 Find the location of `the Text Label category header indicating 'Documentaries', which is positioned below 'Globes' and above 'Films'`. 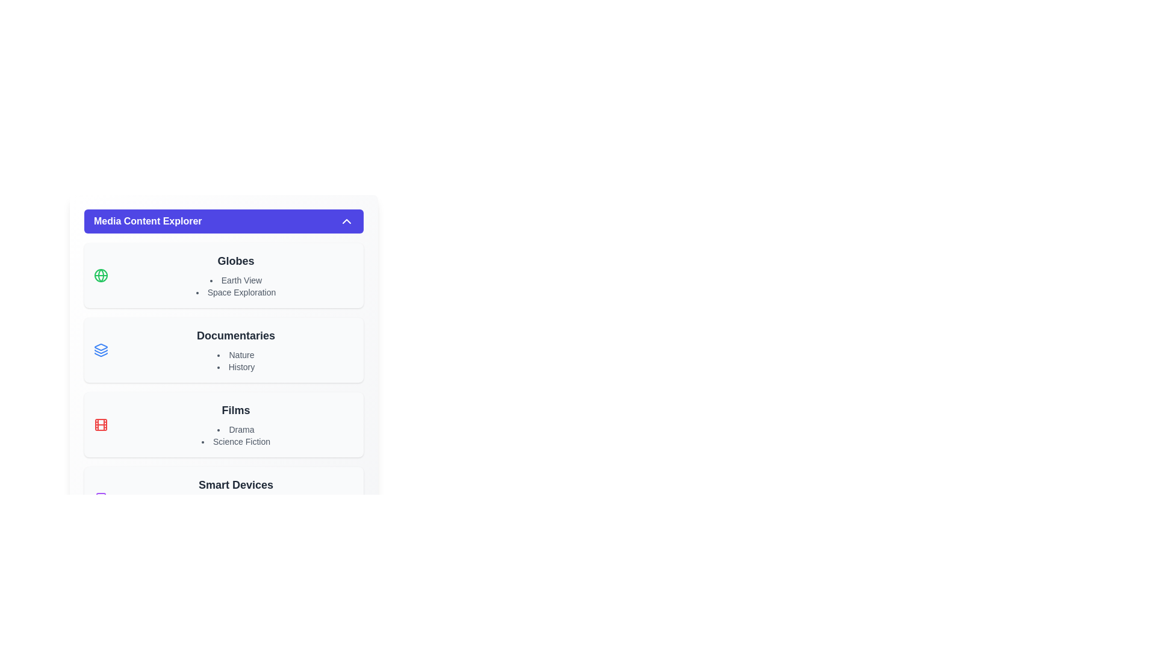

the Text Label category header indicating 'Documentaries', which is positioned below 'Globes' and above 'Films' is located at coordinates (236, 336).